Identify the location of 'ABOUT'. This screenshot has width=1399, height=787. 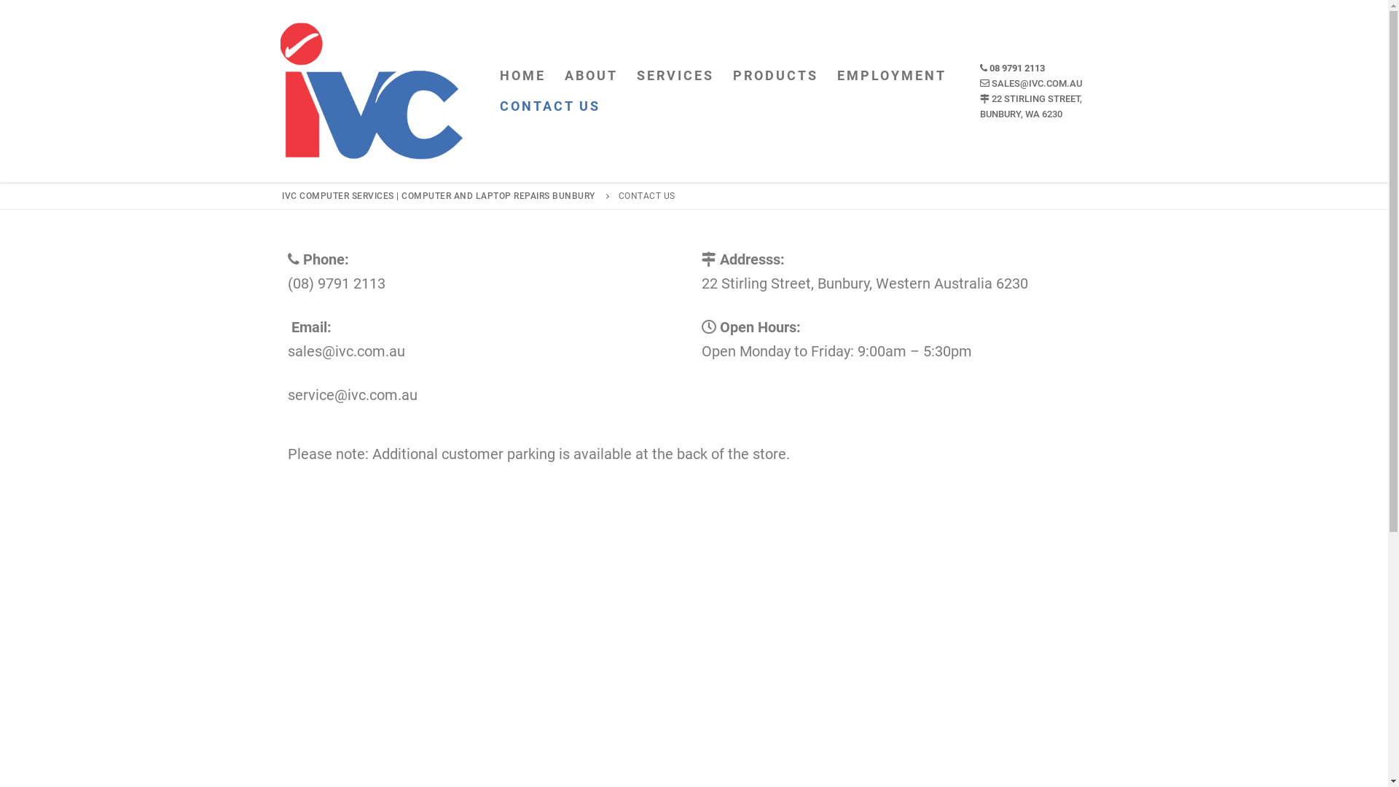
(591, 76).